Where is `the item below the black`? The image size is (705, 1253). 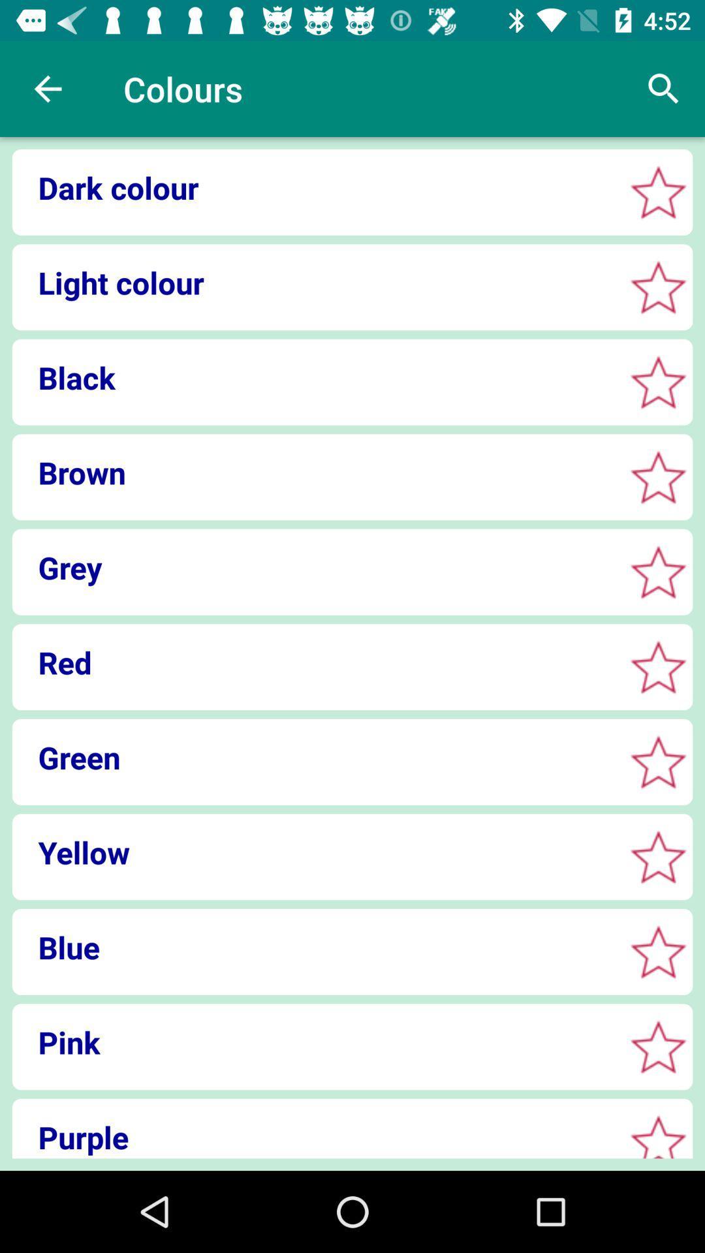
the item below the black is located at coordinates (314, 472).